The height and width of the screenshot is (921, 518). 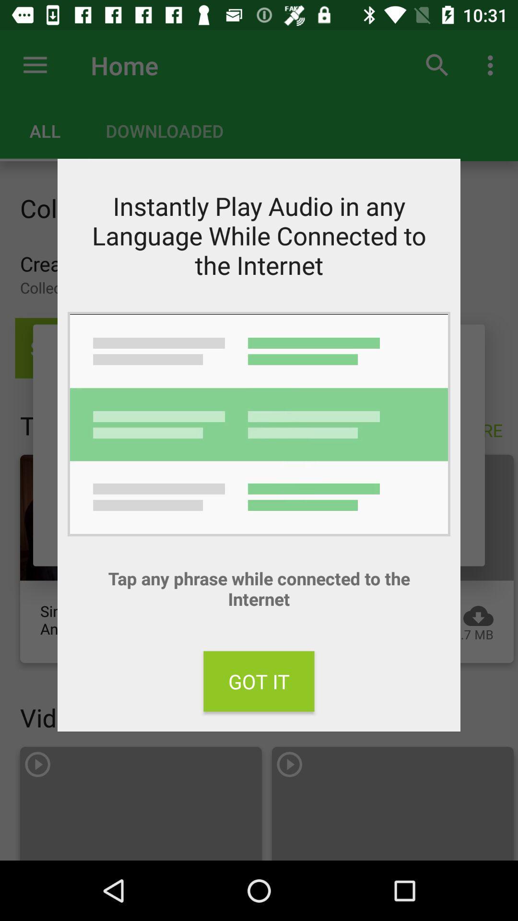 I want to click on got it item, so click(x=259, y=681).